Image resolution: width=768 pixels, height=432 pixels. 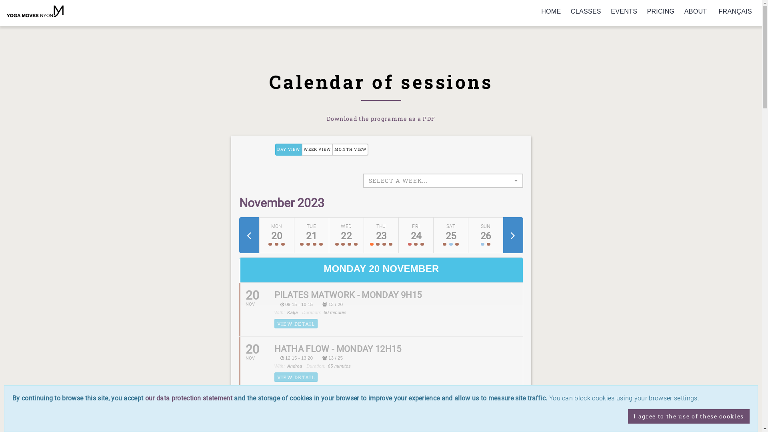 What do you see at coordinates (381, 118) in the screenshot?
I see `'Download the programme as a PDF'` at bounding box center [381, 118].